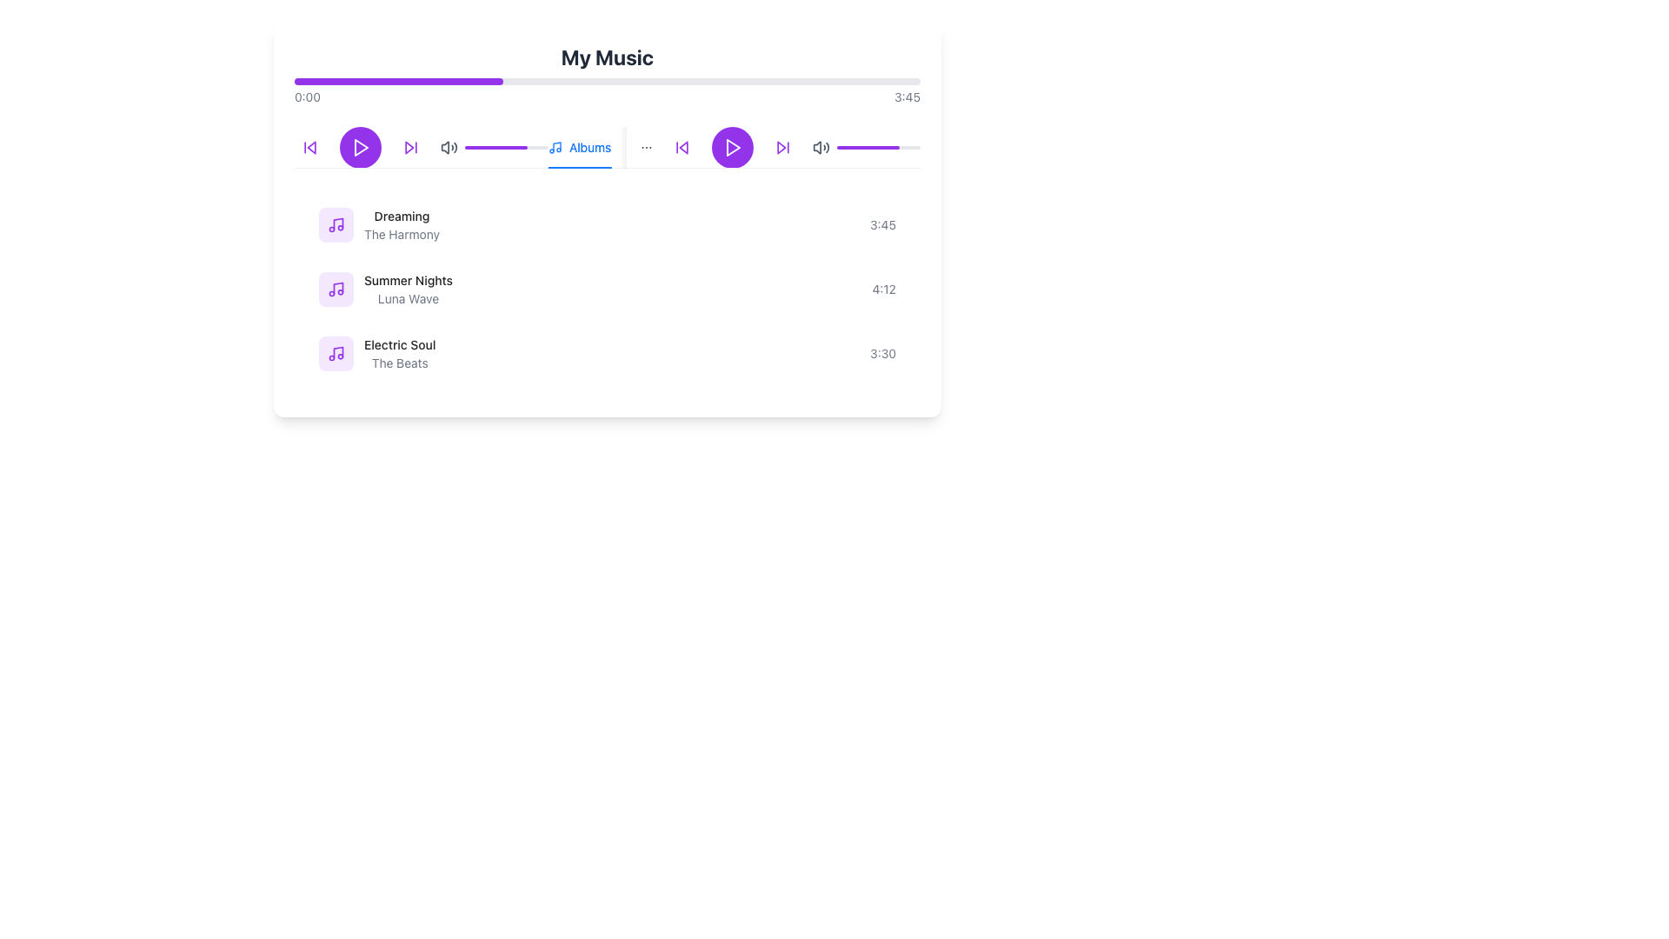 This screenshot has height=939, width=1669. I want to click on the progress value, so click(535, 146).